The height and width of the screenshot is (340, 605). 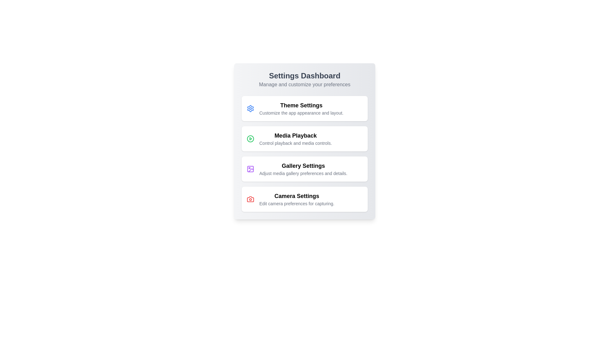 What do you see at coordinates (250, 199) in the screenshot?
I see `the left-most icon in the 'Camera Settings' row that indicates camera functionalities` at bounding box center [250, 199].